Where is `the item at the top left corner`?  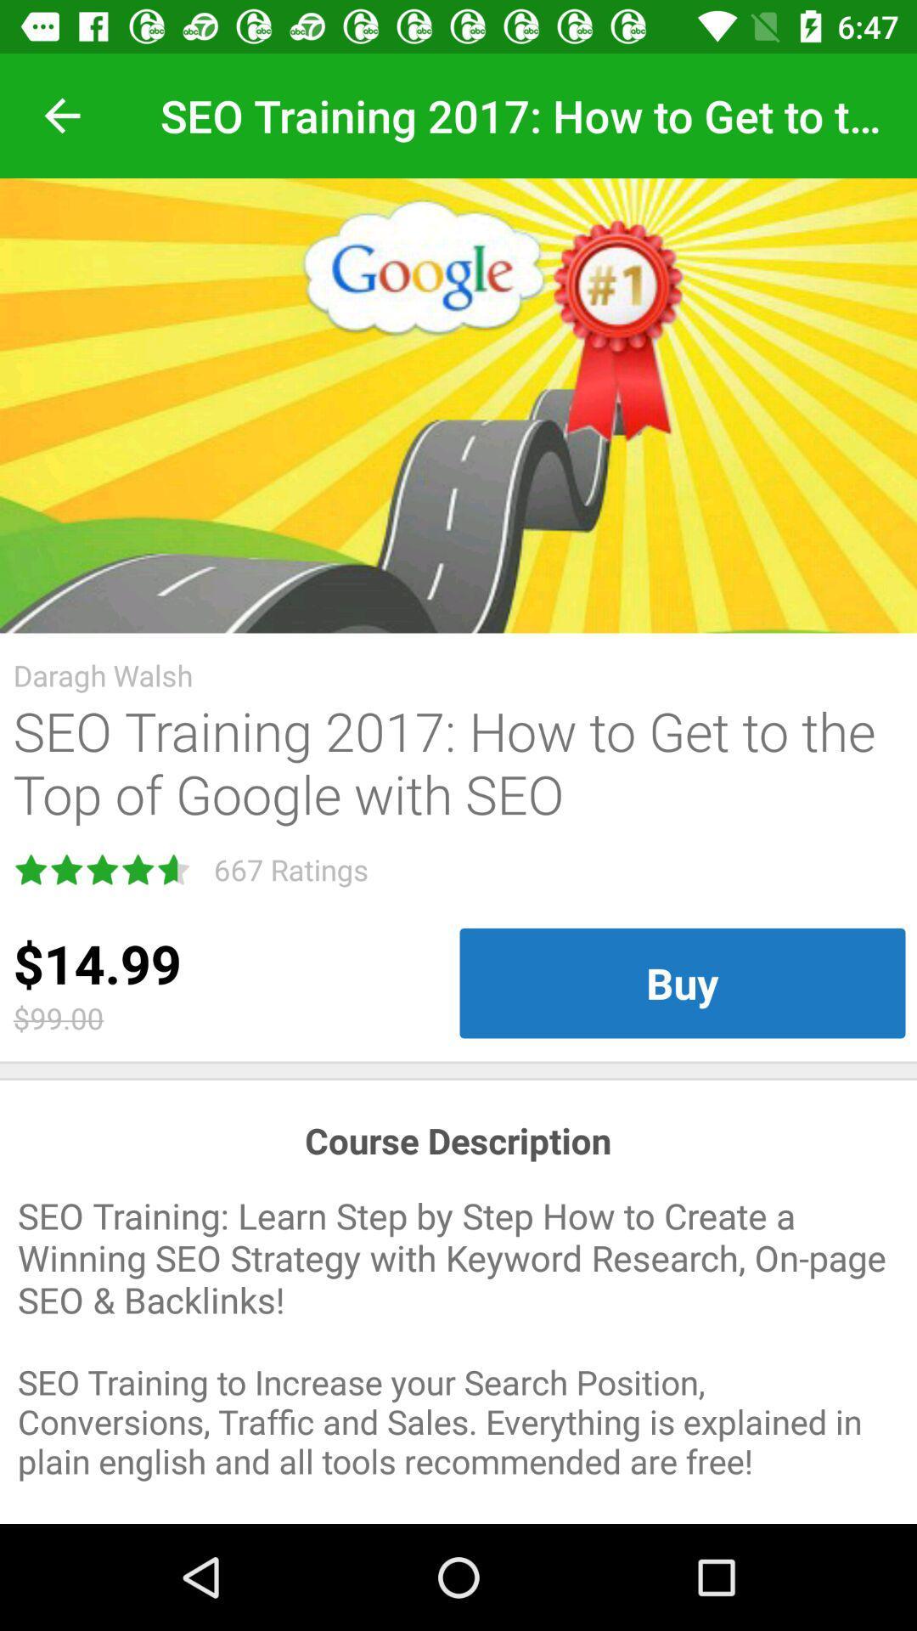
the item at the top left corner is located at coordinates (61, 115).